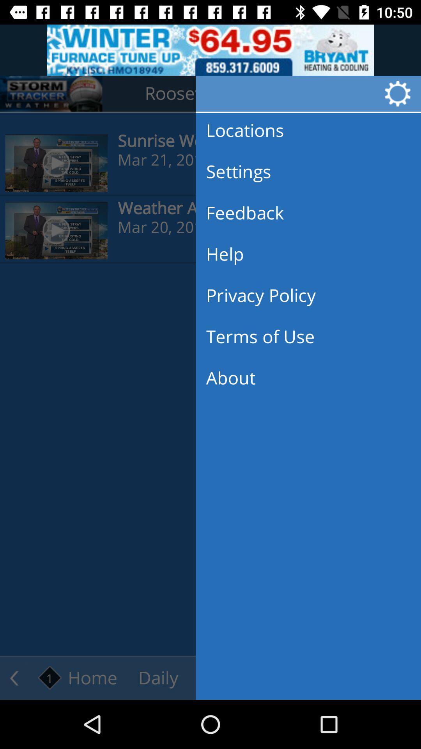 The image size is (421, 749). What do you see at coordinates (158, 678) in the screenshot?
I see `the text daily which is right side of home` at bounding box center [158, 678].